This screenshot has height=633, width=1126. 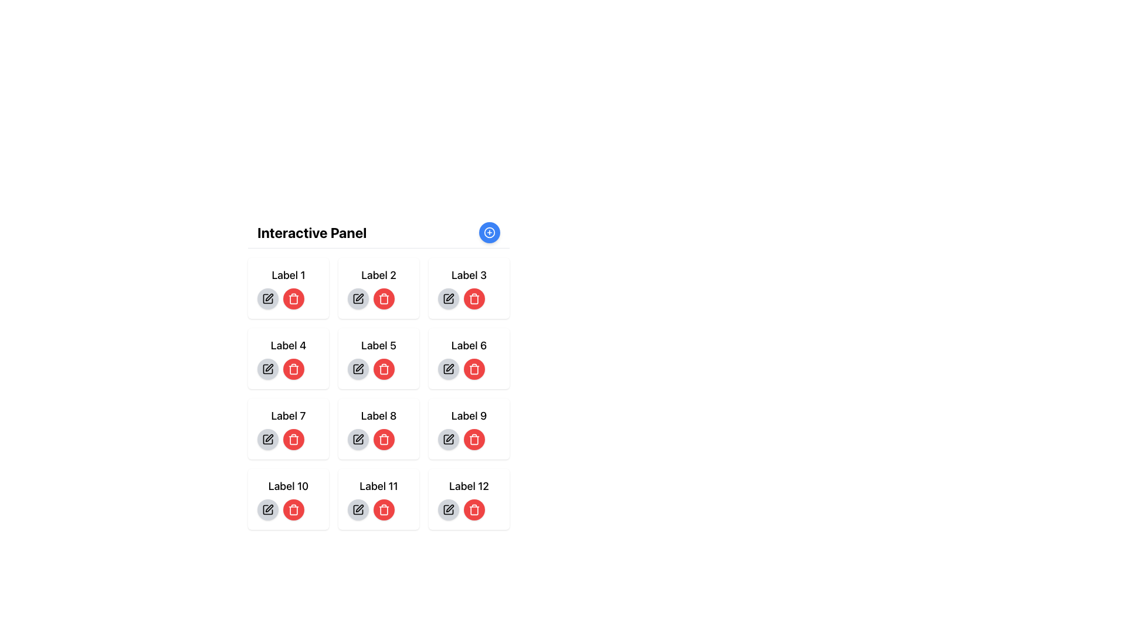 What do you see at coordinates (357, 439) in the screenshot?
I see `the edit icon (Edit pen within square) associated with 'Label 8'` at bounding box center [357, 439].